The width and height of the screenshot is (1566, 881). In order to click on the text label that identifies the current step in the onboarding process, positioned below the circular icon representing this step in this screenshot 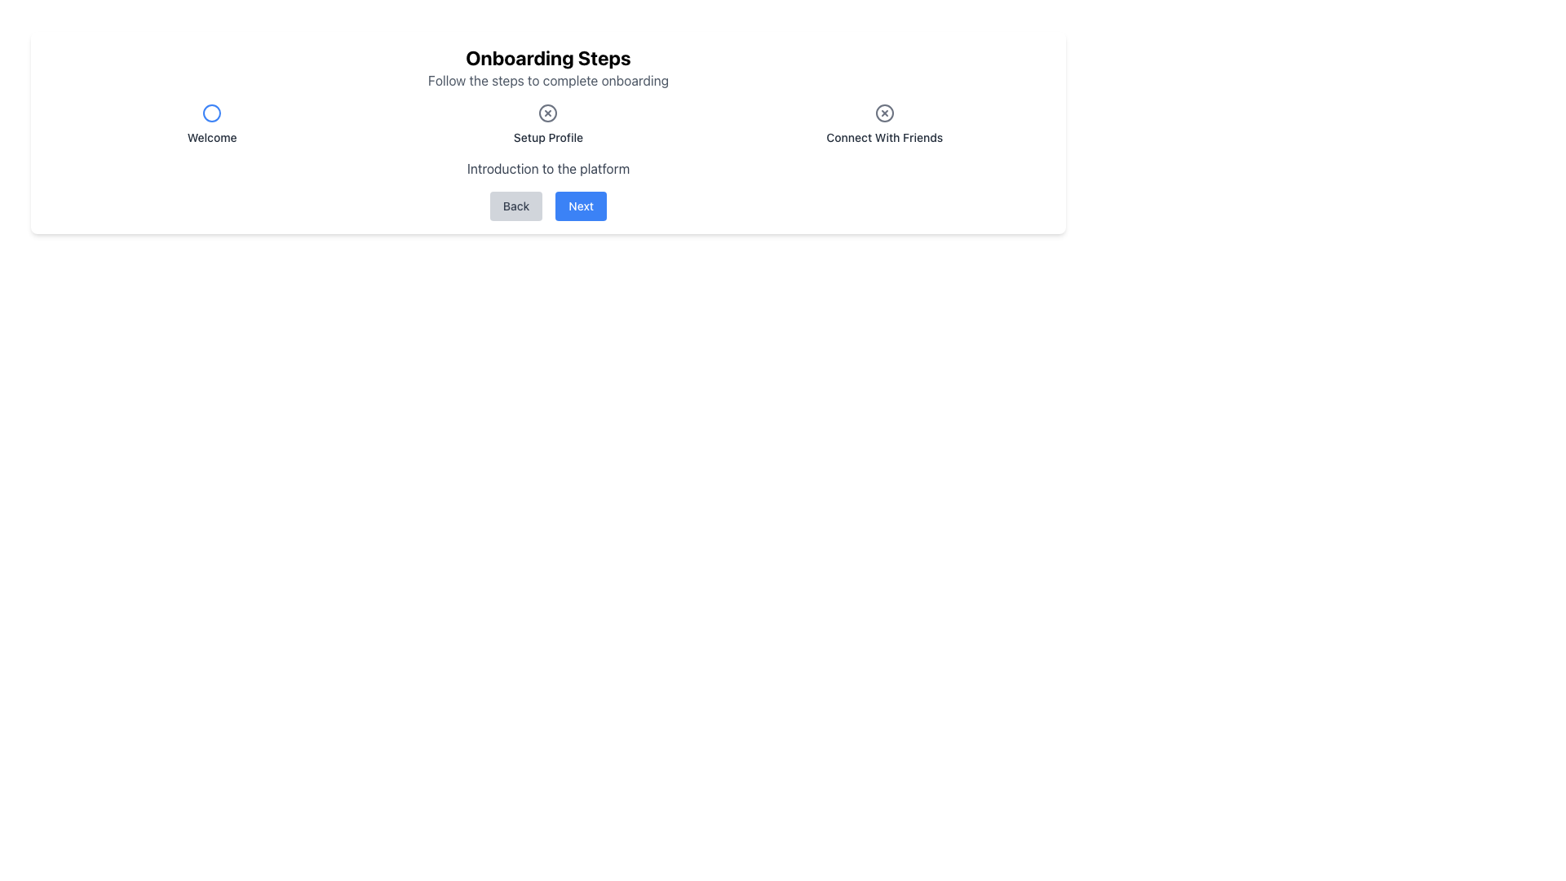, I will do `click(548, 137)`.